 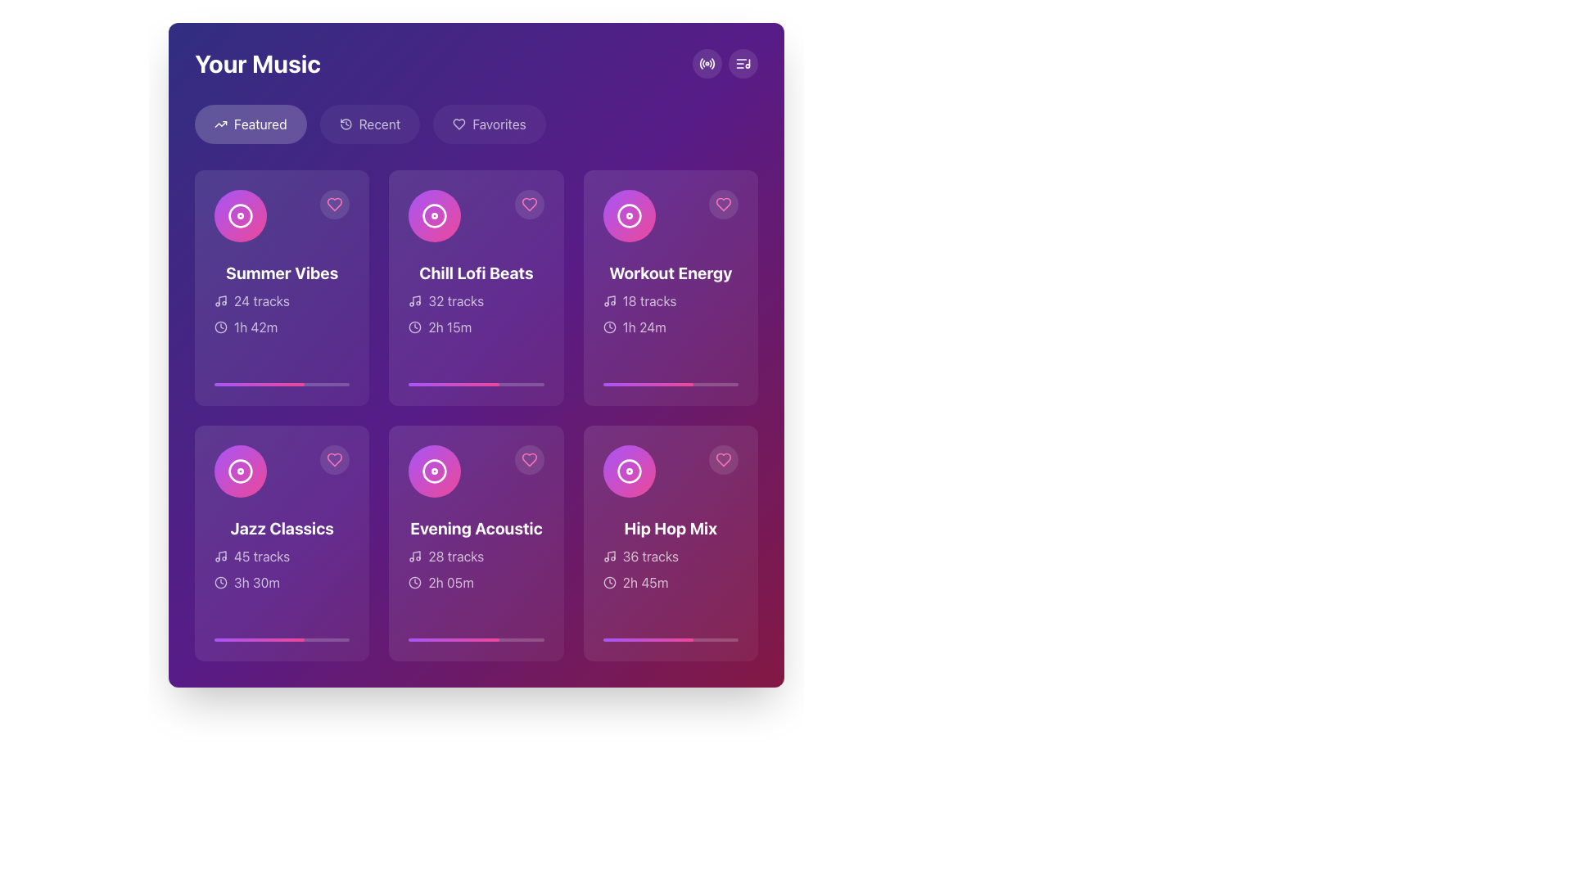 I want to click on the musical note icon located within the 'Workout Energy' card, which indicates music or audio tracks, so click(x=608, y=300).